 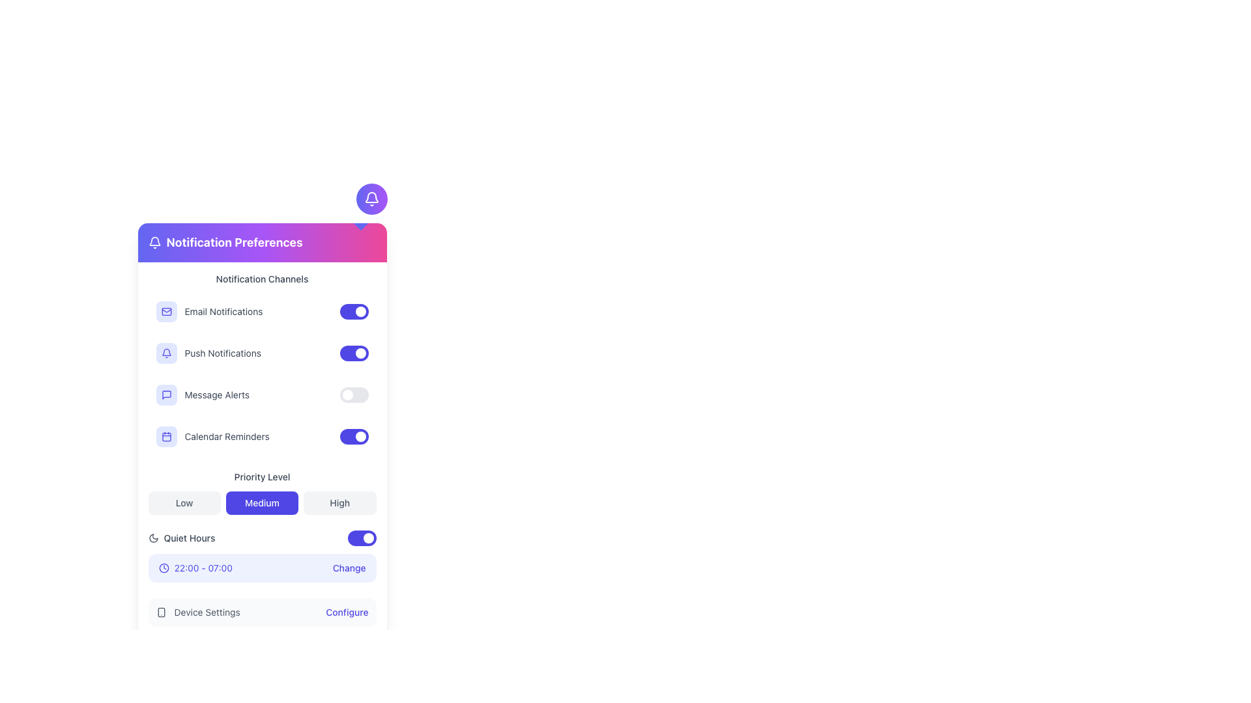 What do you see at coordinates (165, 311) in the screenshot?
I see `the rectangular part of the mail icon located next to the 'Email Notifications' label in the 'Notification Channels' section` at bounding box center [165, 311].